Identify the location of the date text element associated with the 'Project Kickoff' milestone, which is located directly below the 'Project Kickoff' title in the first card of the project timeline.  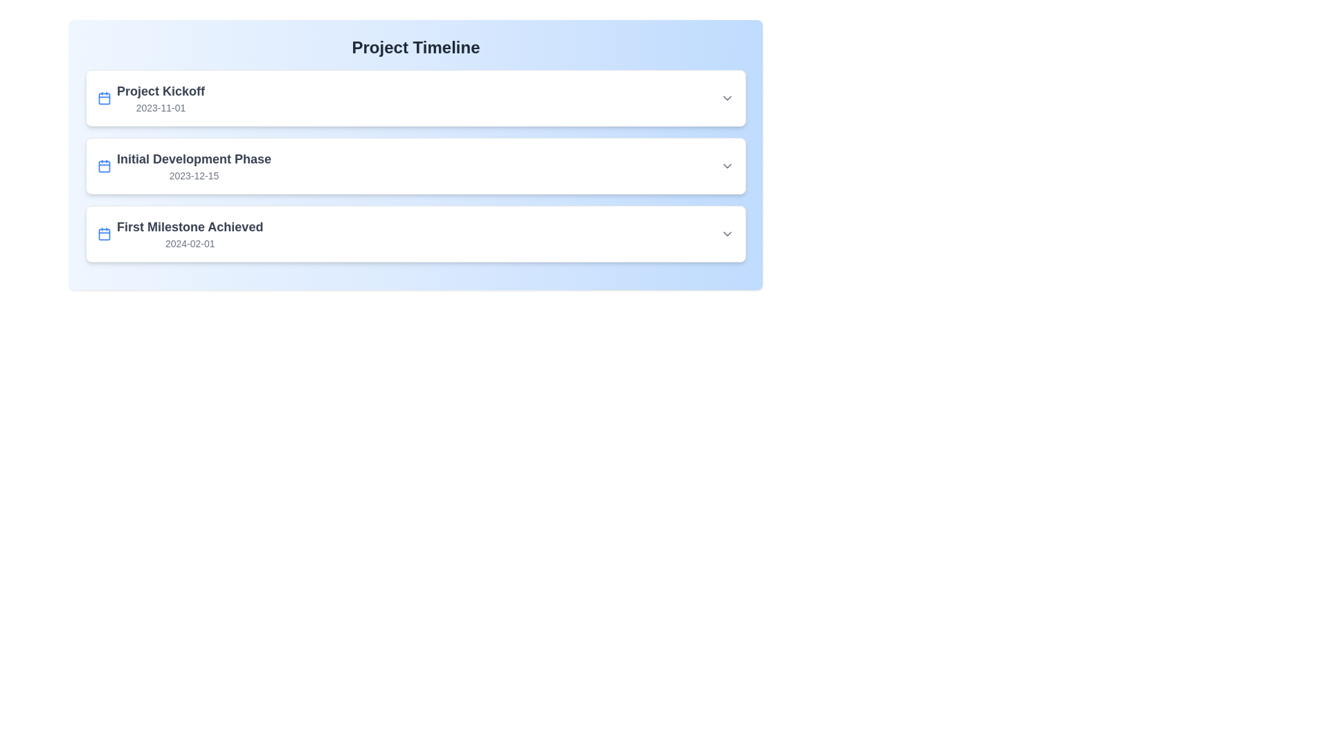
(161, 107).